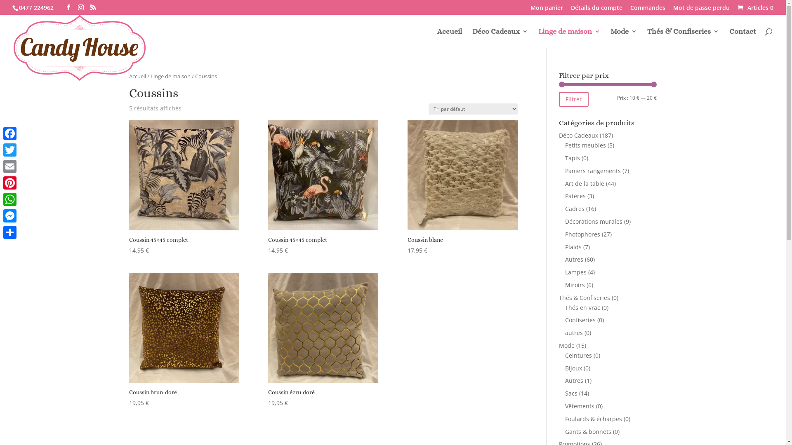  What do you see at coordinates (754, 7) in the screenshot?
I see `'Articles 0'` at bounding box center [754, 7].